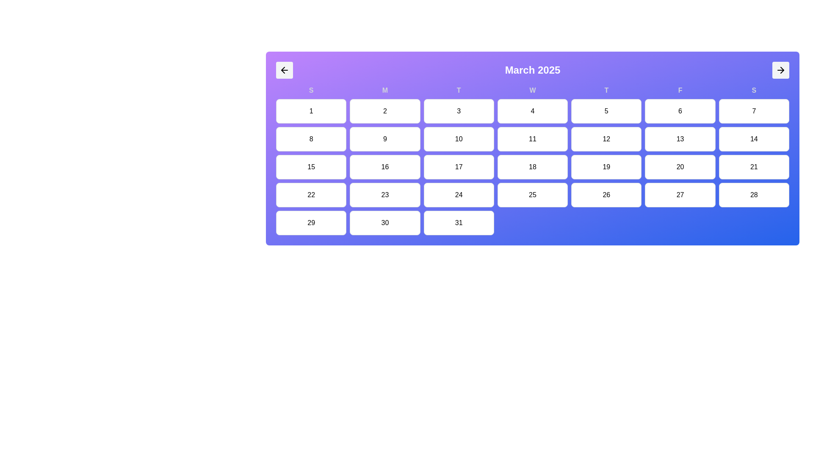 Image resolution: width=813 pixels, height=457 pixels. What do you see at coordinates (680, 138) in the screenshot?
I see `the Calendar day cell for Friday, which is a rectangular block with a white background and contains the number '13'` at bounding box center [680, 138].